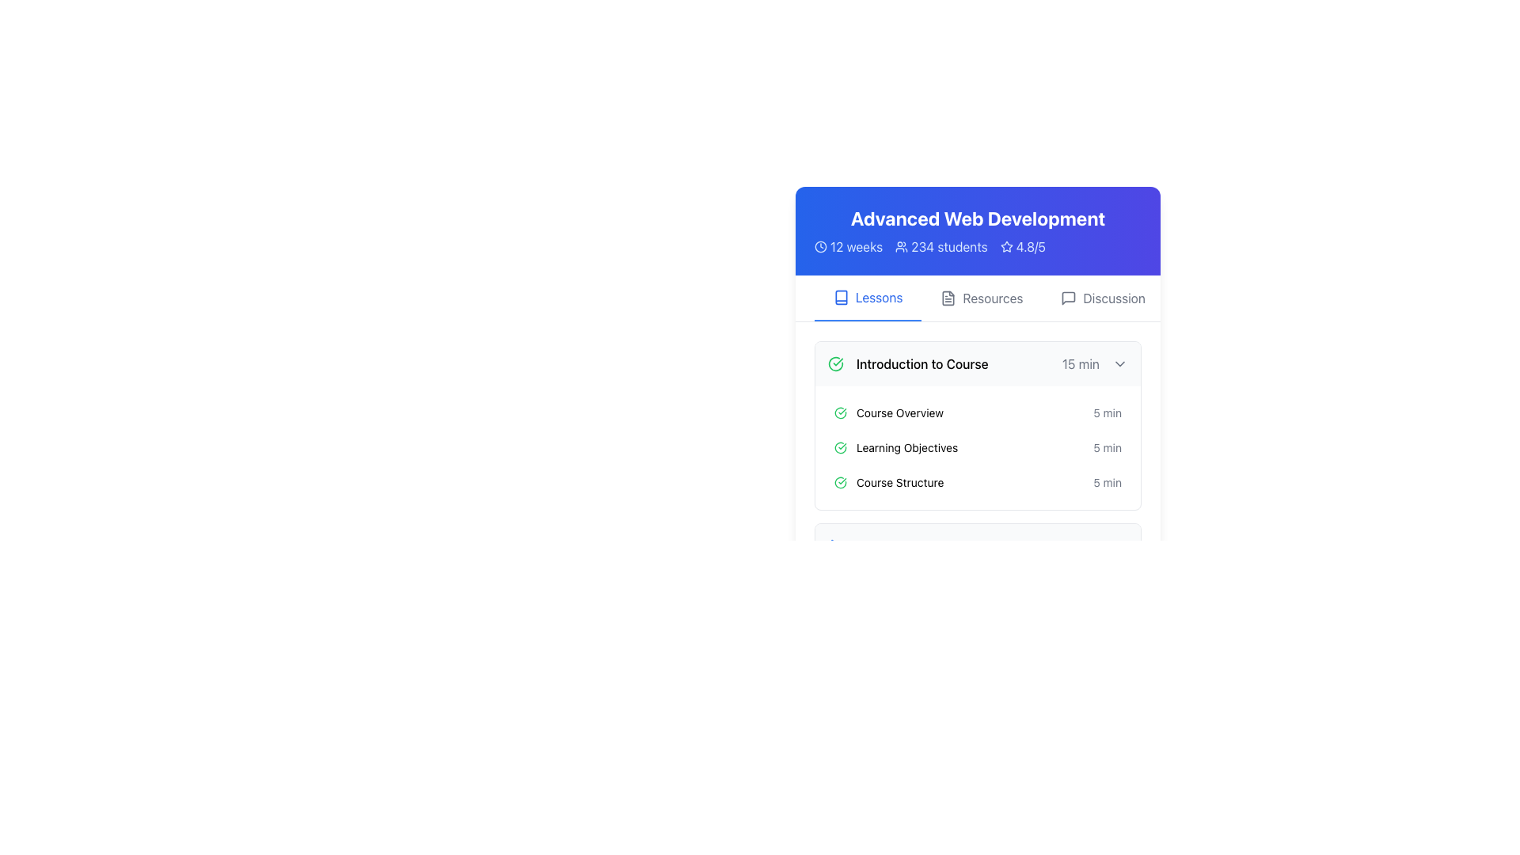  Describe the element at coordinates (839, 412) in the screenshot. I see `the green outlined circular icon with a checkmark inside, located next to the 'Introduction to Course' text in the lesson list, for status indication` at that location.